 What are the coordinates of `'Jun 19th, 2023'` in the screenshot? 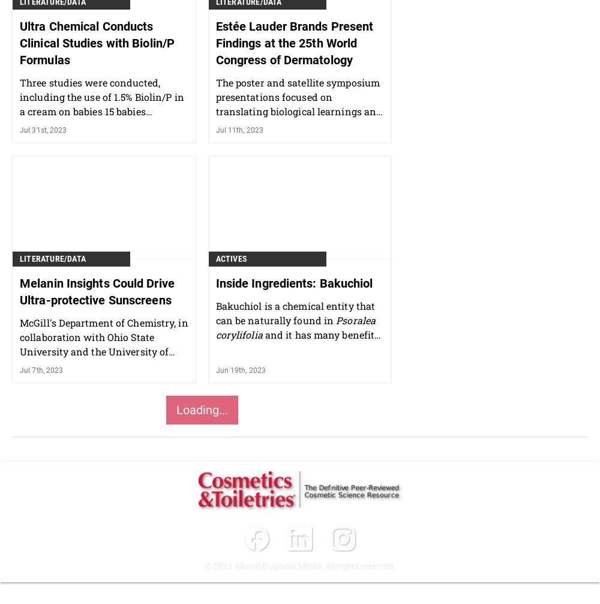 It's located at (241, 369).